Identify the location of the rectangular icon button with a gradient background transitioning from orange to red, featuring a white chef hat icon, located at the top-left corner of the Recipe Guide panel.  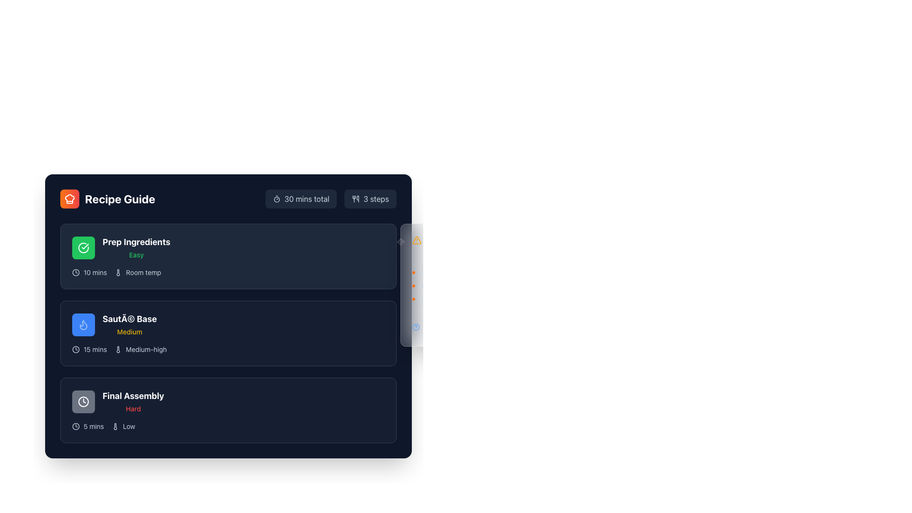
(69, 199).